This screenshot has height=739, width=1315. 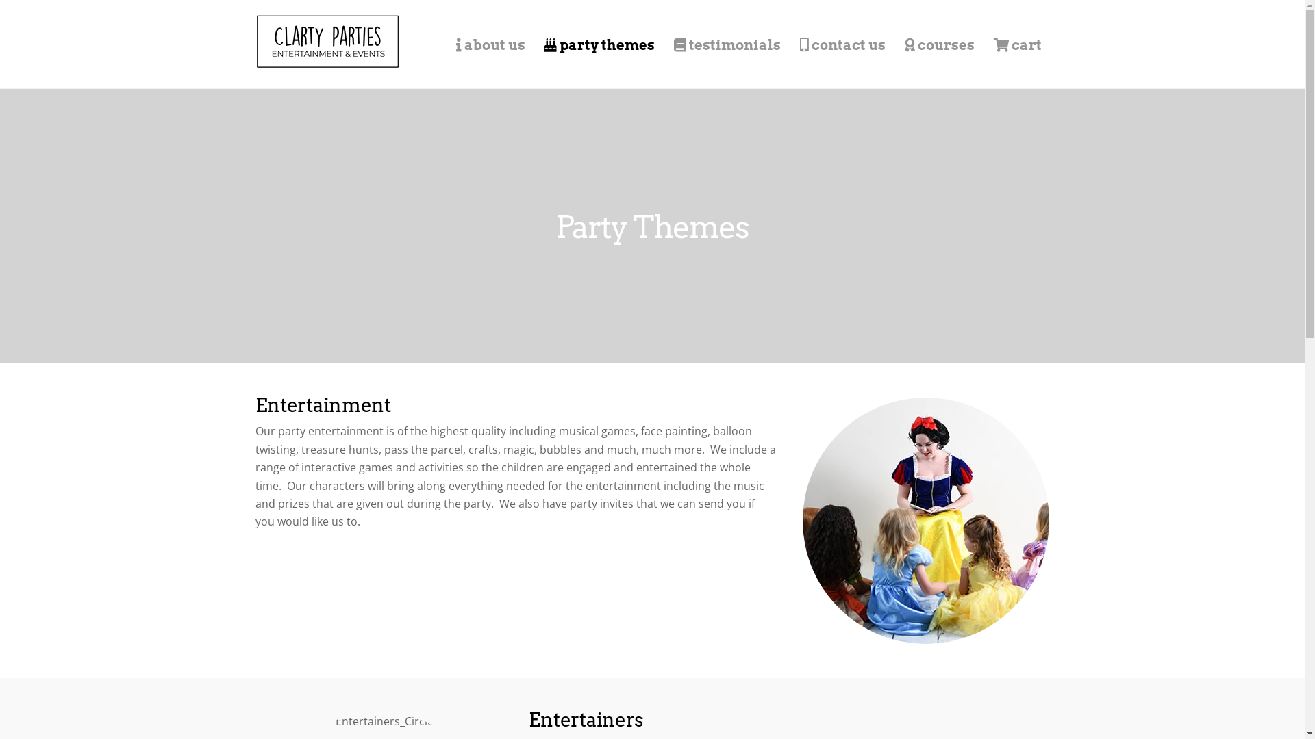 What do you see at coordinates (938, 44) in the screenshot?
I see `'courses'` at bounding box center [938, 44].